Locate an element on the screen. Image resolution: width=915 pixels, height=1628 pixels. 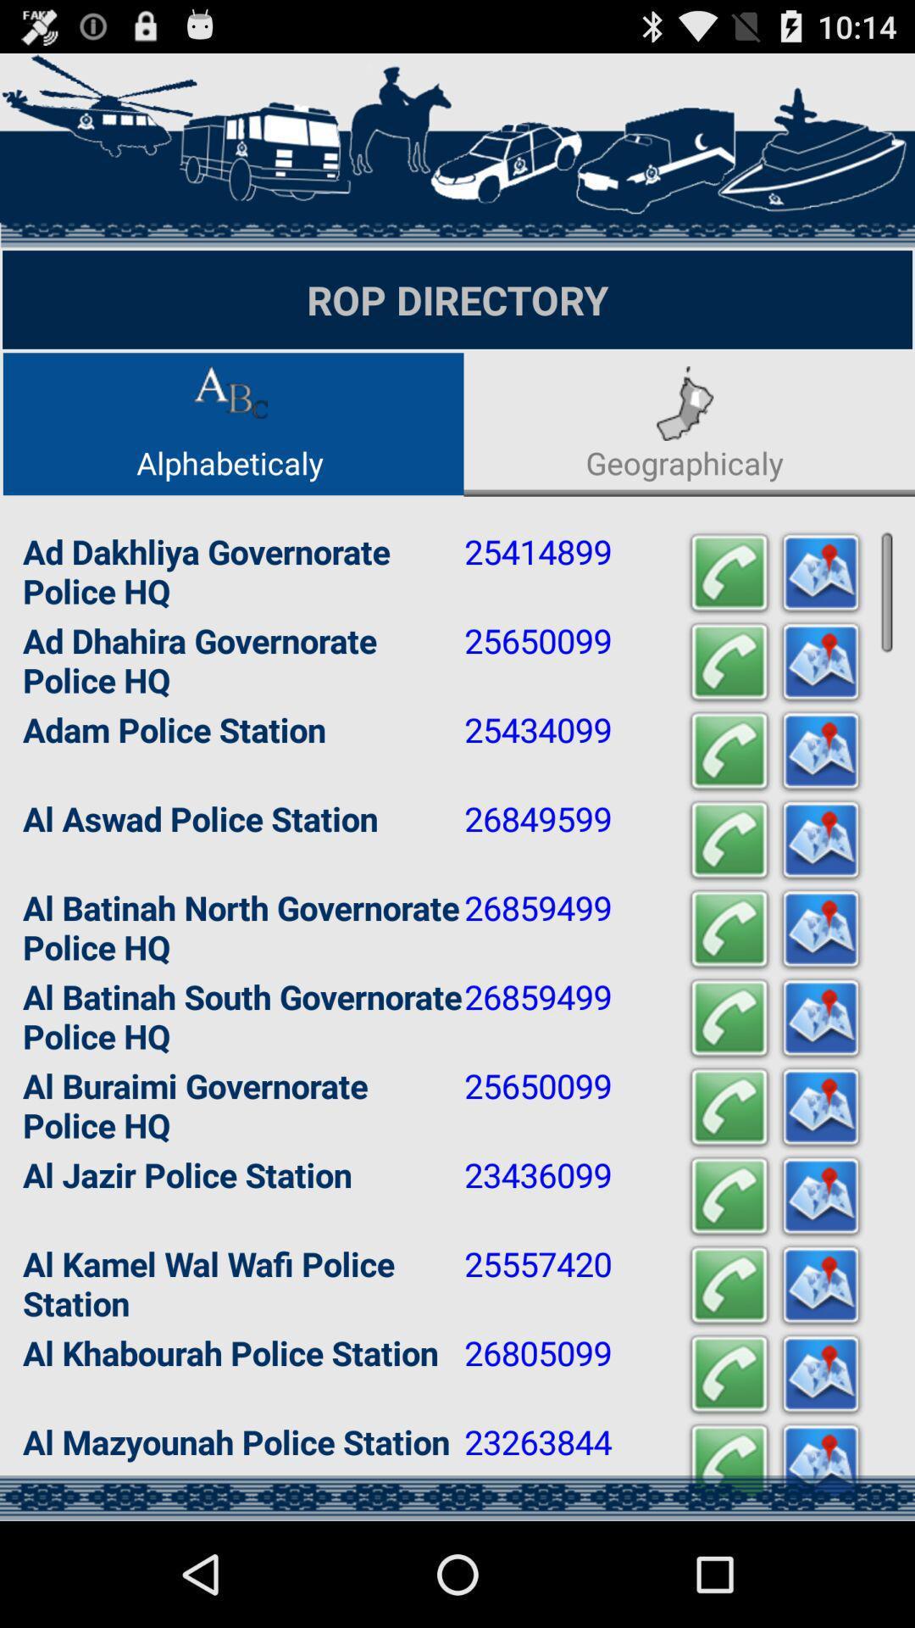
shows location in map is located at coordinates (819, 1196).